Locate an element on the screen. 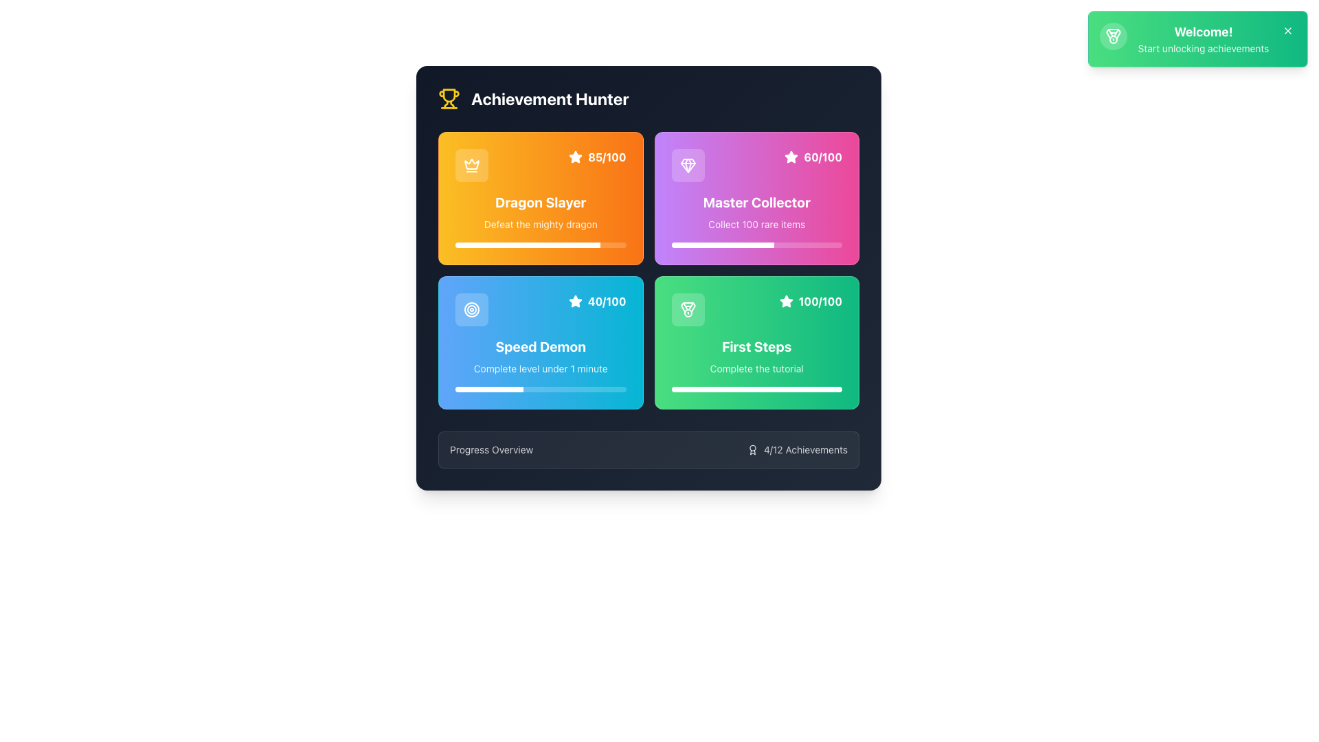  the achievement icon in the top-left corner of the 'Achievement Hunter' card, which visually represents achievements or awards is located at coordinates (471, 164).